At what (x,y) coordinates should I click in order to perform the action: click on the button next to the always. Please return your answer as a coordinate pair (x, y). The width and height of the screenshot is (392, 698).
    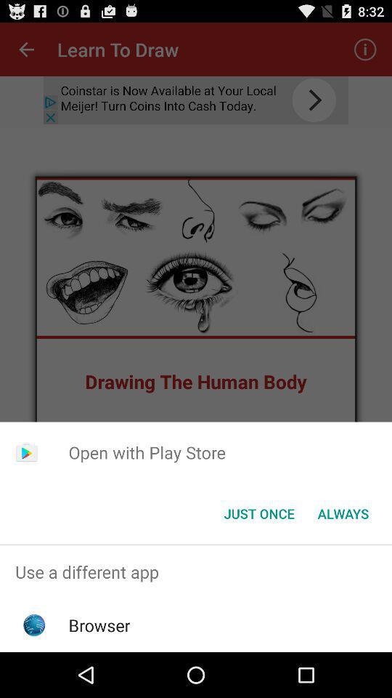
    Looking at the image, I should click on (258, 513).